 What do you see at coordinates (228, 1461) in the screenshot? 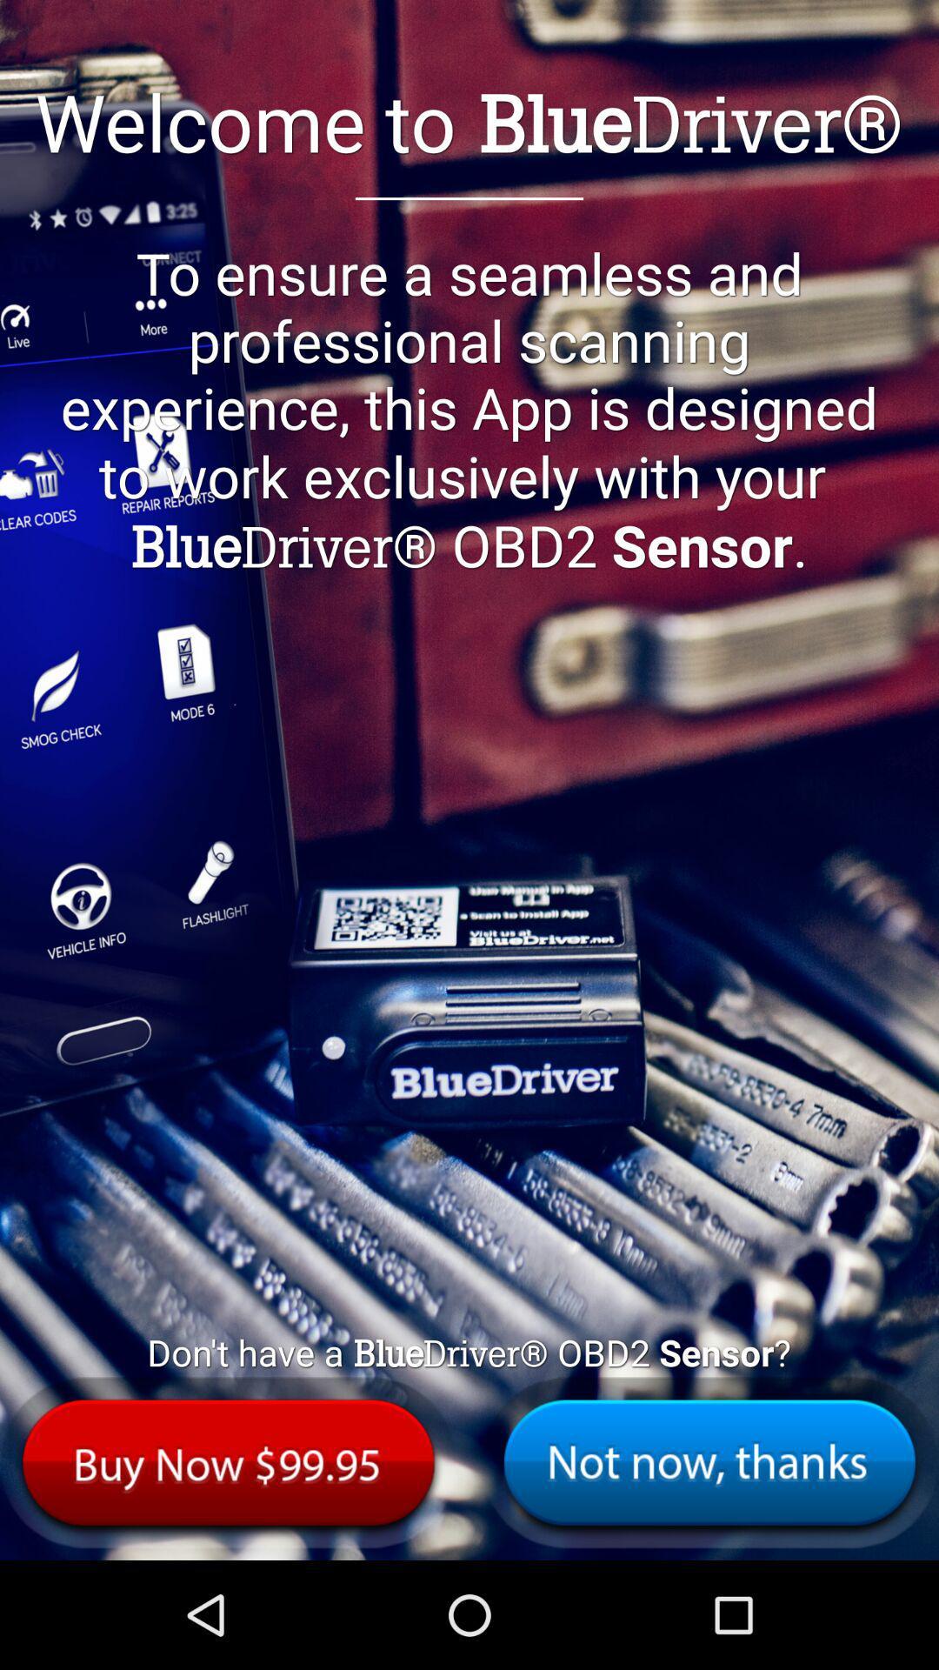
I see `buy indicated product` at bounding box center [228, 1461].